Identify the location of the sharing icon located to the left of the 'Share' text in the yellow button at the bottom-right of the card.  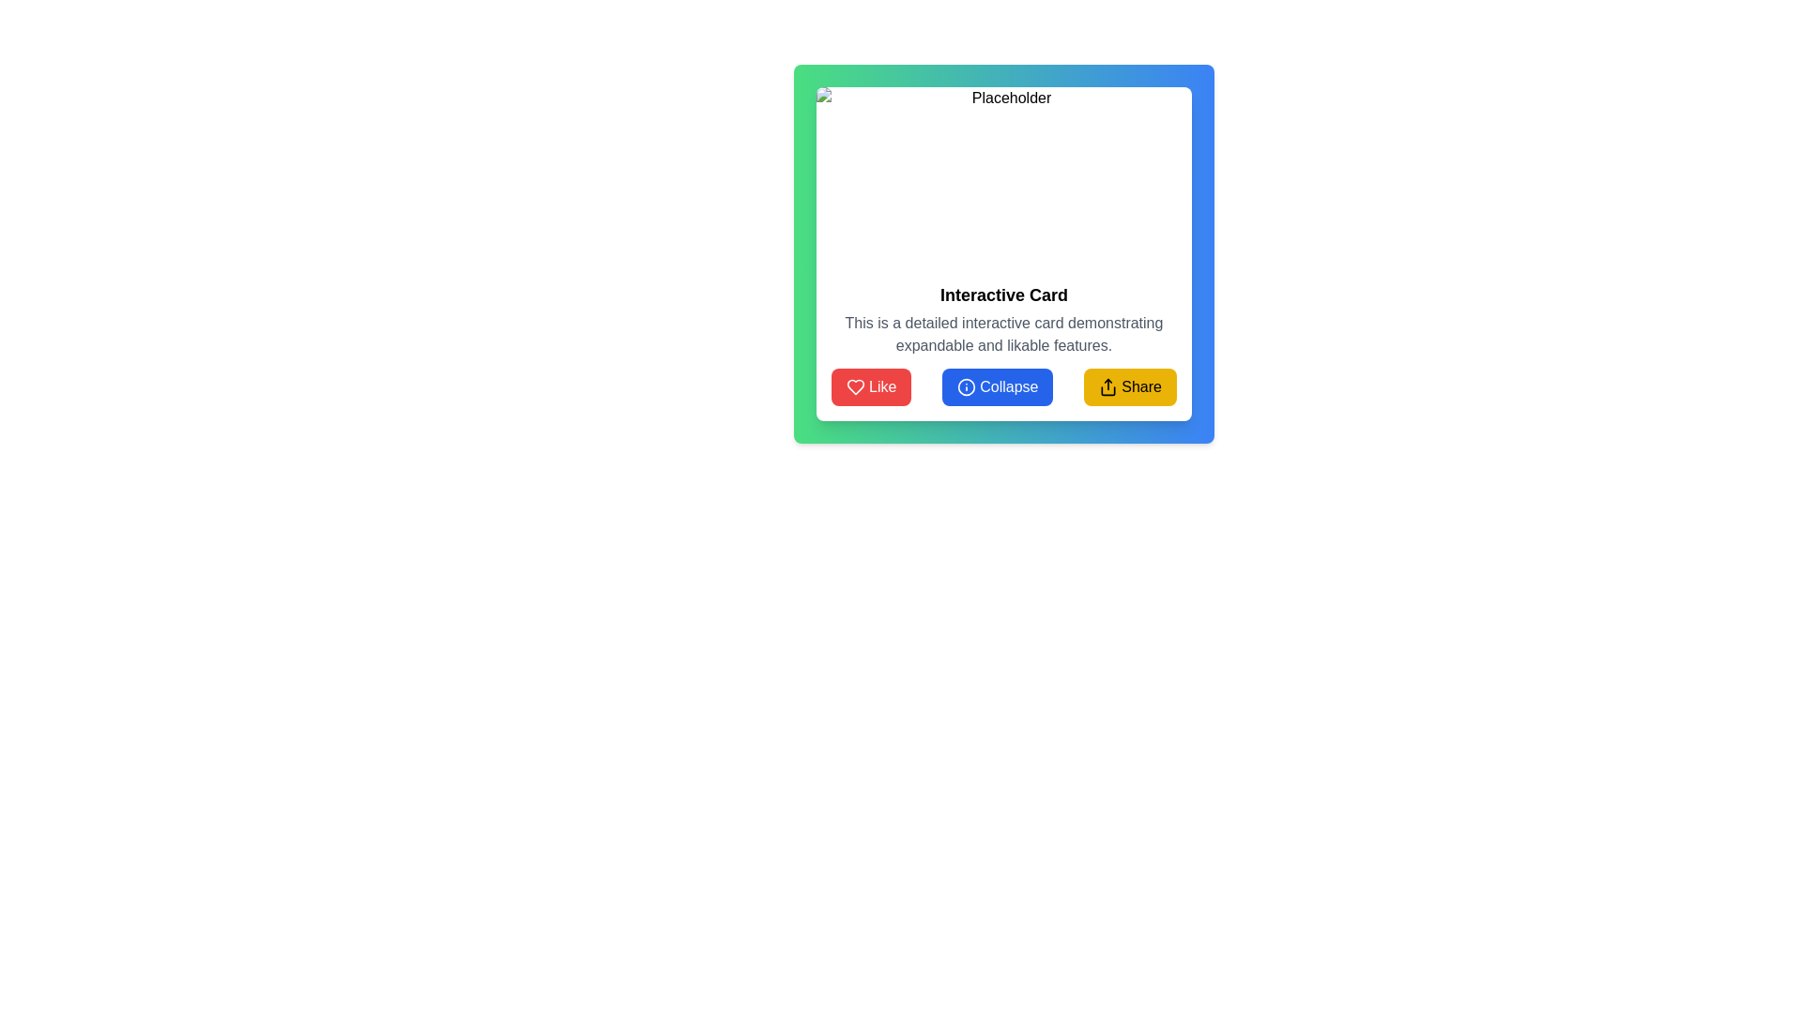
(1108, 386).